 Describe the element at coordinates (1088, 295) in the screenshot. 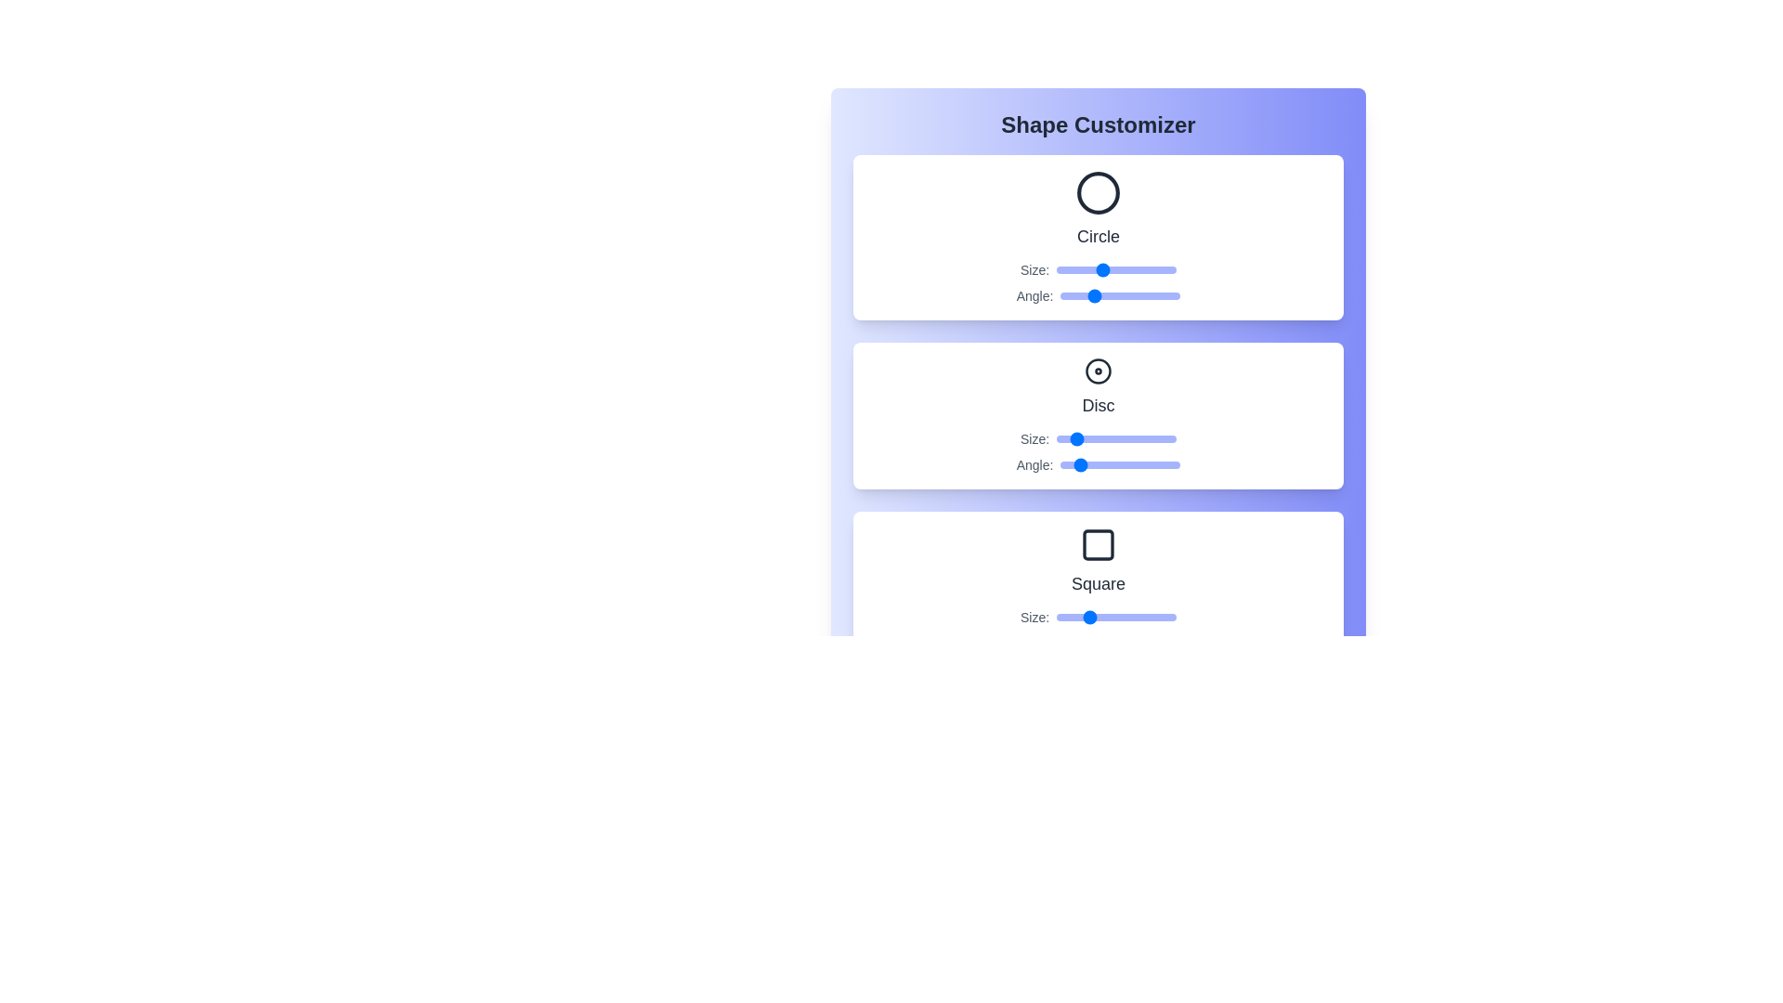

I see `the Circle's angle slider to 85 degrees` at that location.